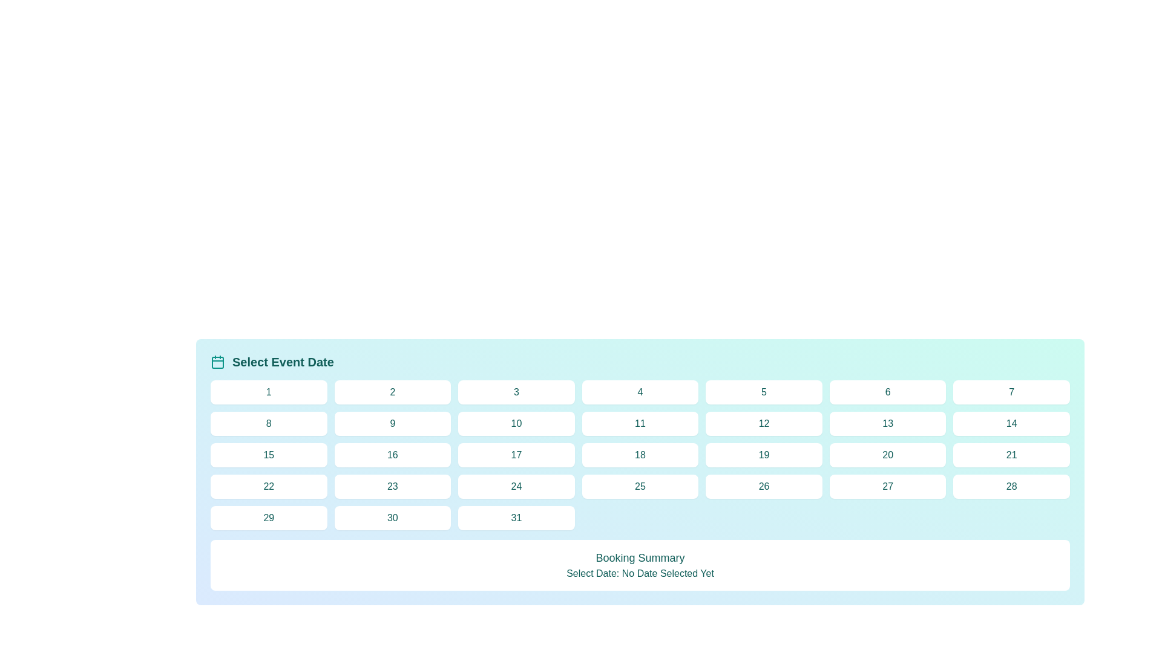 The height and width of the screenshot is (653, 1162). What do you see at coordinates (392, 423) in the screenshot?
I see `the button displaying the numeral '9' in teal color, located in the second row and second column of the grid layout` at bounding box center [392, 423].